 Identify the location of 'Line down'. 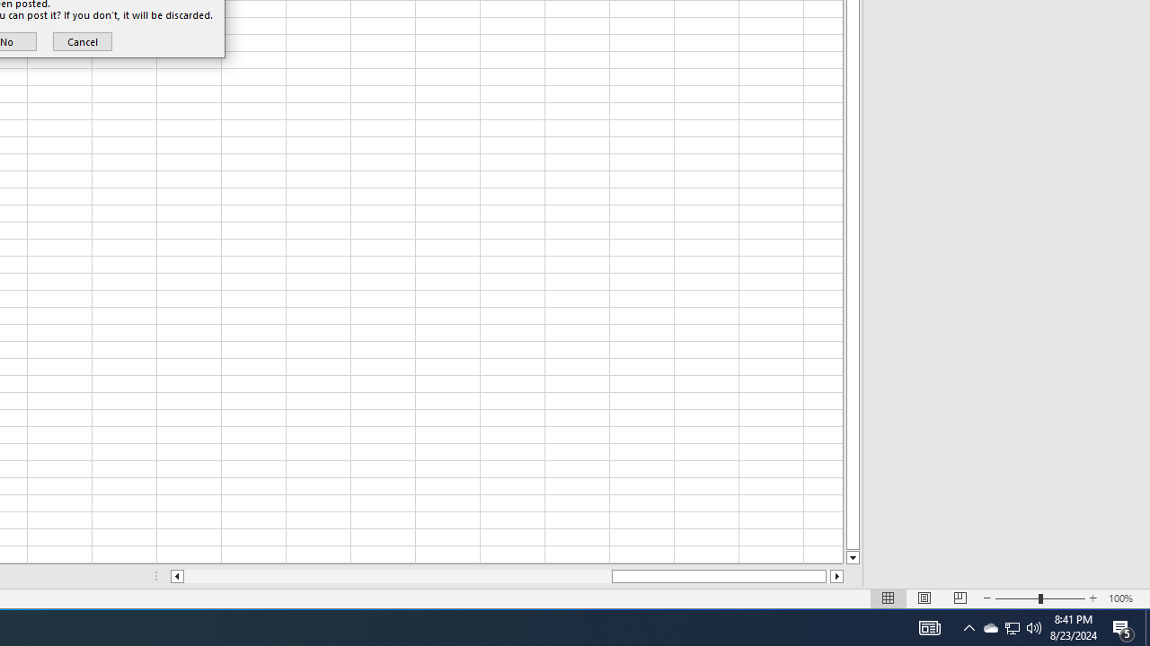
(852, 557).